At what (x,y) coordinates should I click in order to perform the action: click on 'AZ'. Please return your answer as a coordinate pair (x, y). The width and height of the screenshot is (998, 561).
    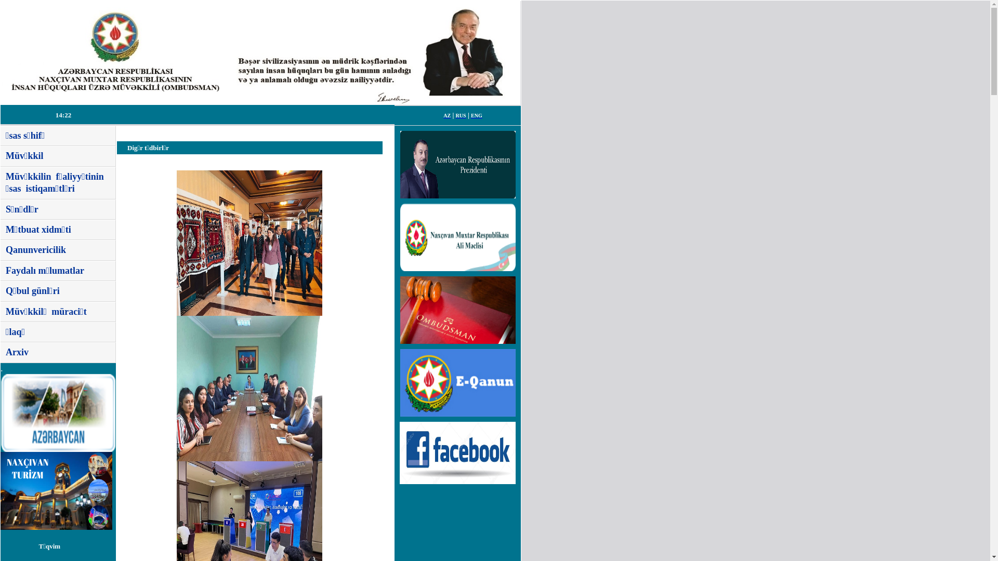
    Looking at the image, I should click on (443, 115).